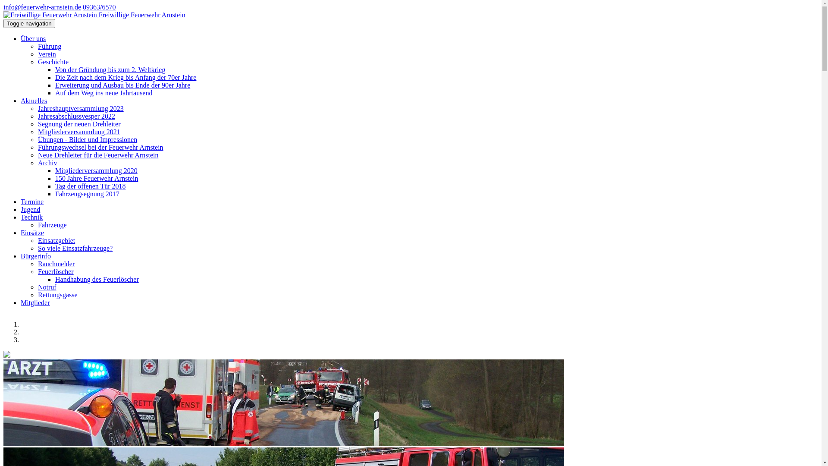 The height and width of the screenshot is (466, 828). Describe the element at coordinates (96, 170) in the screenshot. I see `'Mitgliederversammlung 2020'` at that location.